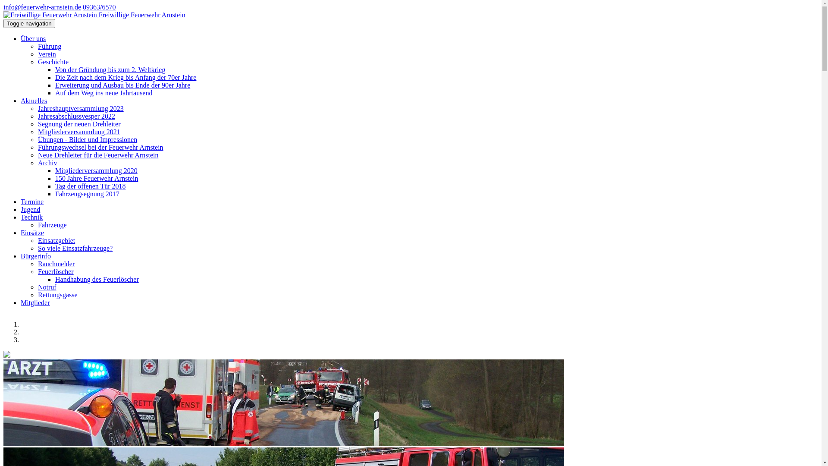 The height and width of the screenshot is (466, 828). Describe the element at coordinates (96, 170) in the screenshot. I see `'Mitgliederversammlung 2020'` at that location.